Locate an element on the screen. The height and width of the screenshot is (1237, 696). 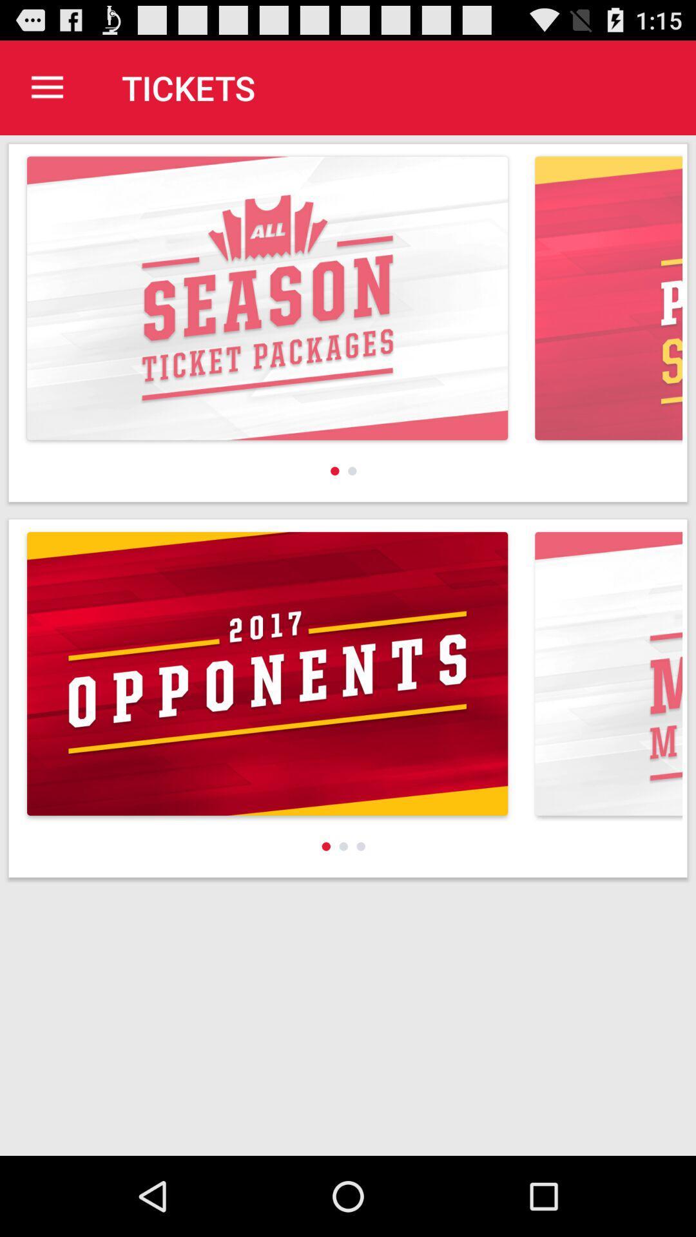
move to second row of first option is located at coordinates (267, 673).